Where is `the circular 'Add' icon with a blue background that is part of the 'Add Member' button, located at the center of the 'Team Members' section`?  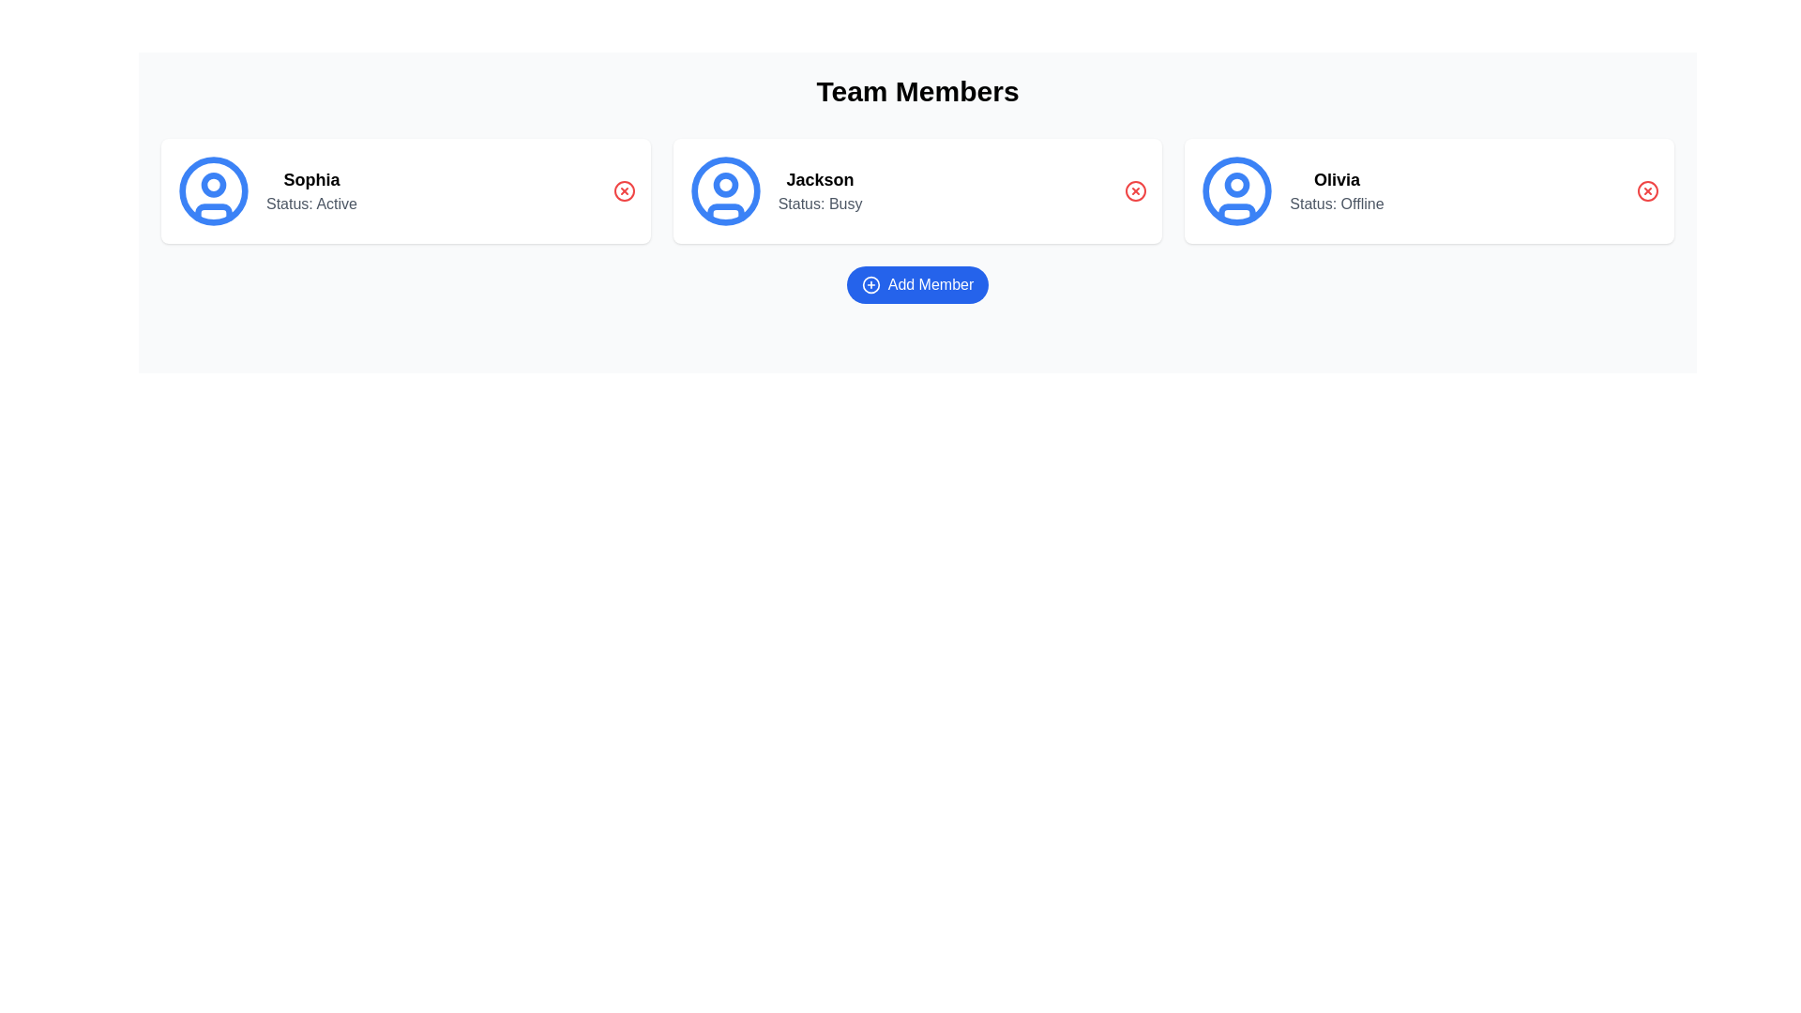 the circular 'Add' icon with a blue background that is part of the 'Add Member' button, located at the center of the 'Team Members' section is located at coordinates (870, 285).